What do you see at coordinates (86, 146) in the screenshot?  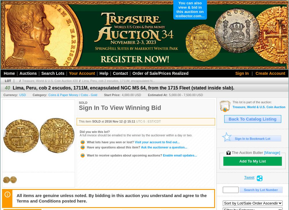 I see `'Have any questions about this item?'` at bounding box center [86, 146].